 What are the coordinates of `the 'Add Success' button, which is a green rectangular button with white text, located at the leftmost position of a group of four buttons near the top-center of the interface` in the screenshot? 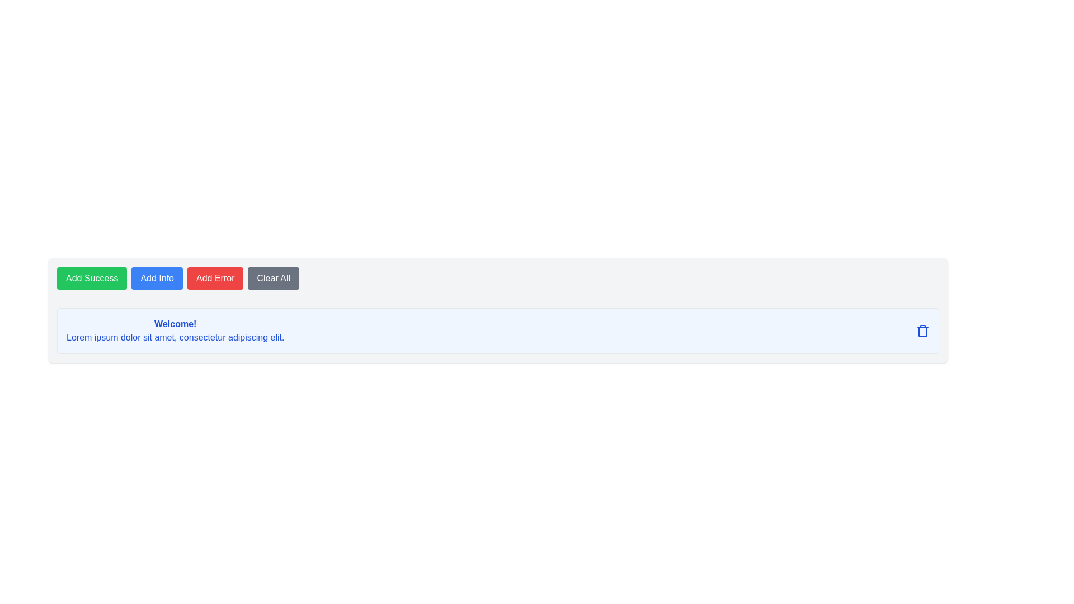 It's located at (92, 277).